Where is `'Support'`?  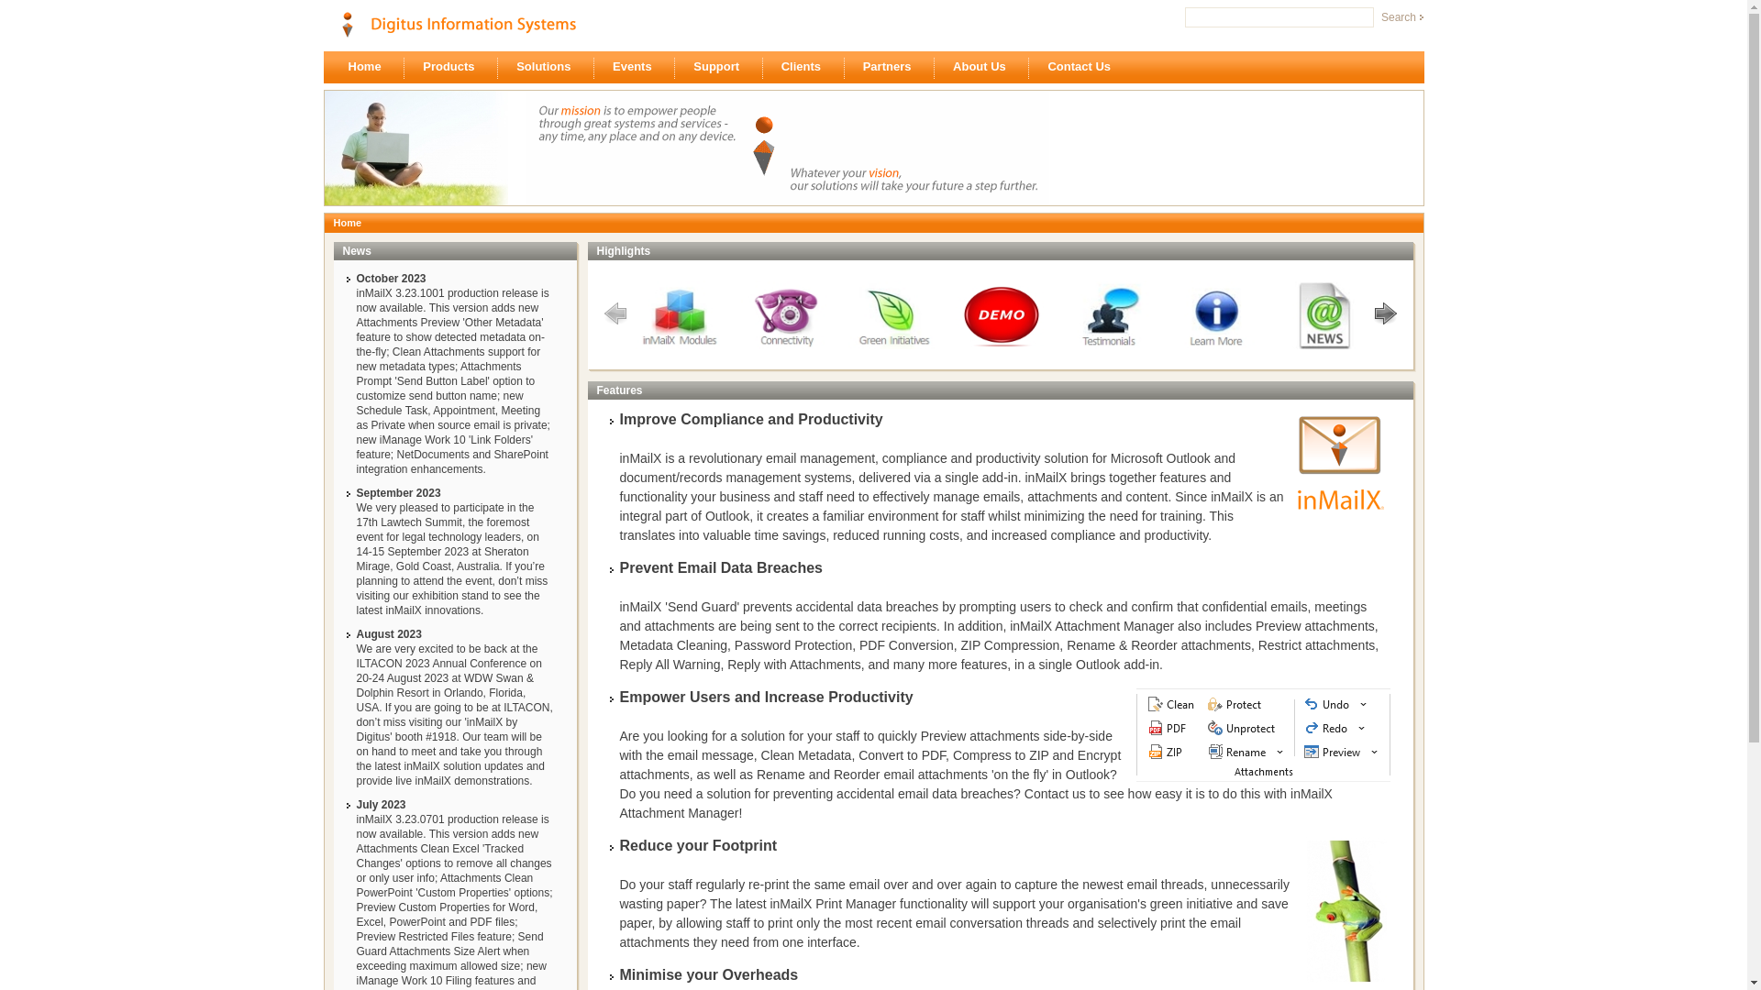
'Support' is located at coordinates (720, 66).